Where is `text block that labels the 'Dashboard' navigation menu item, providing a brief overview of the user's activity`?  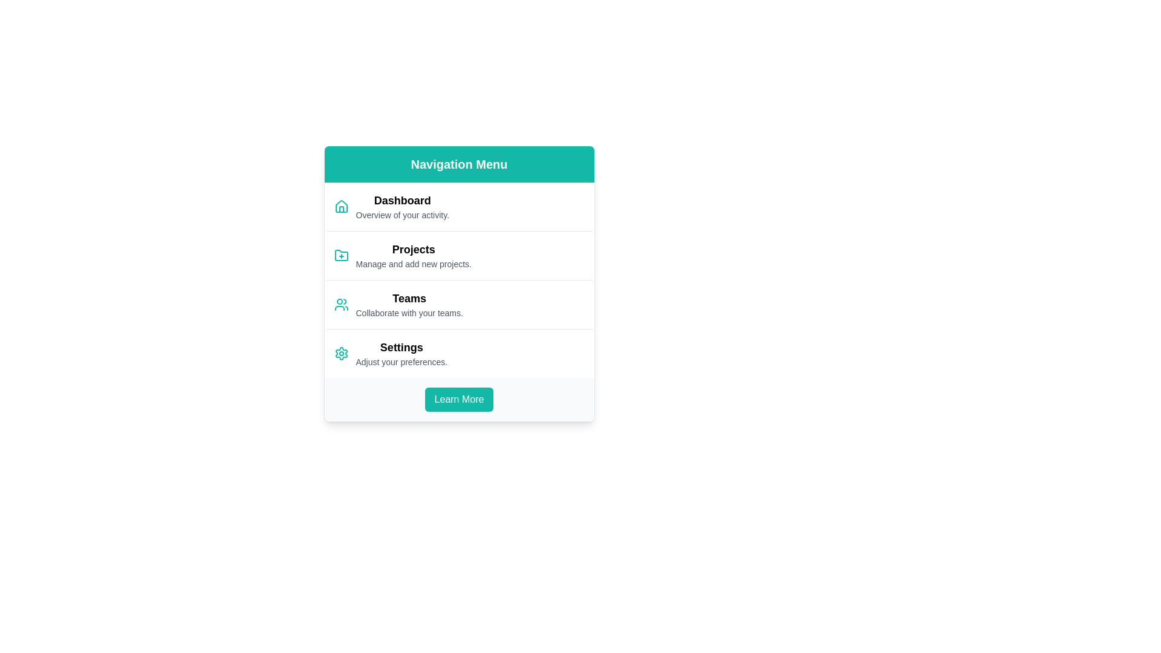 text block that labels the 'Dashboard' navigation menu item, providing a brief overview of the user's activity is located at coordinates (402, 206).